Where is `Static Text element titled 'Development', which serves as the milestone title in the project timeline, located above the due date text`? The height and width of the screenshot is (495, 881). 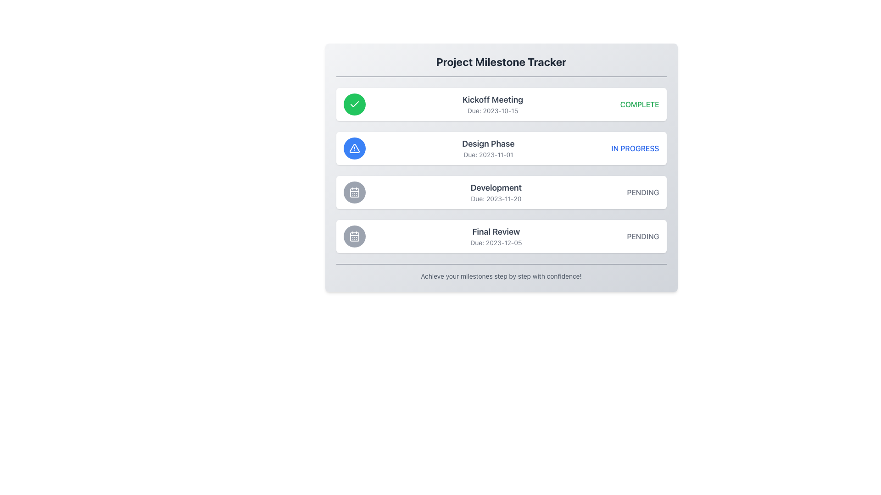 Static Text element titled 'Development', which serves as the milestone title in the project timeline, located above the due date text is located at coordinates (496, 187).